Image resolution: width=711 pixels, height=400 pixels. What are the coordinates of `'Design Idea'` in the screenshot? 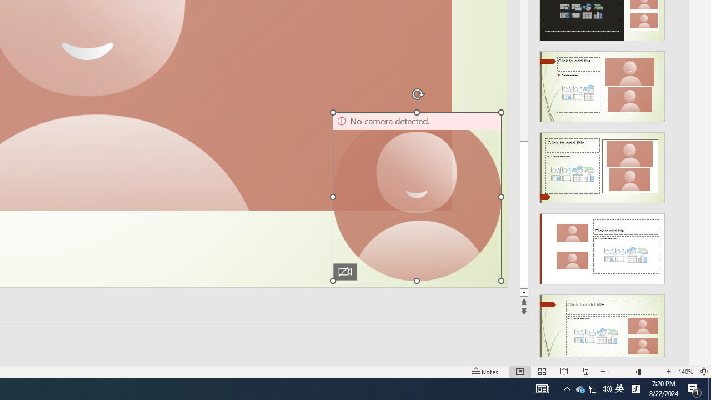 It's located at (602, 326).